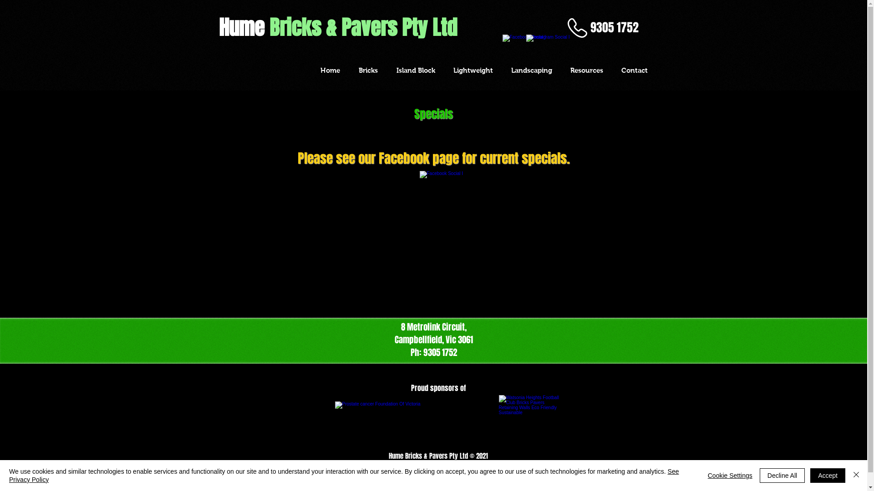 The image size is (874, 491). What do you see at coordinates (586, 70) in the screenshot?
I see `'Resources'` at bounding box center [586, 70].